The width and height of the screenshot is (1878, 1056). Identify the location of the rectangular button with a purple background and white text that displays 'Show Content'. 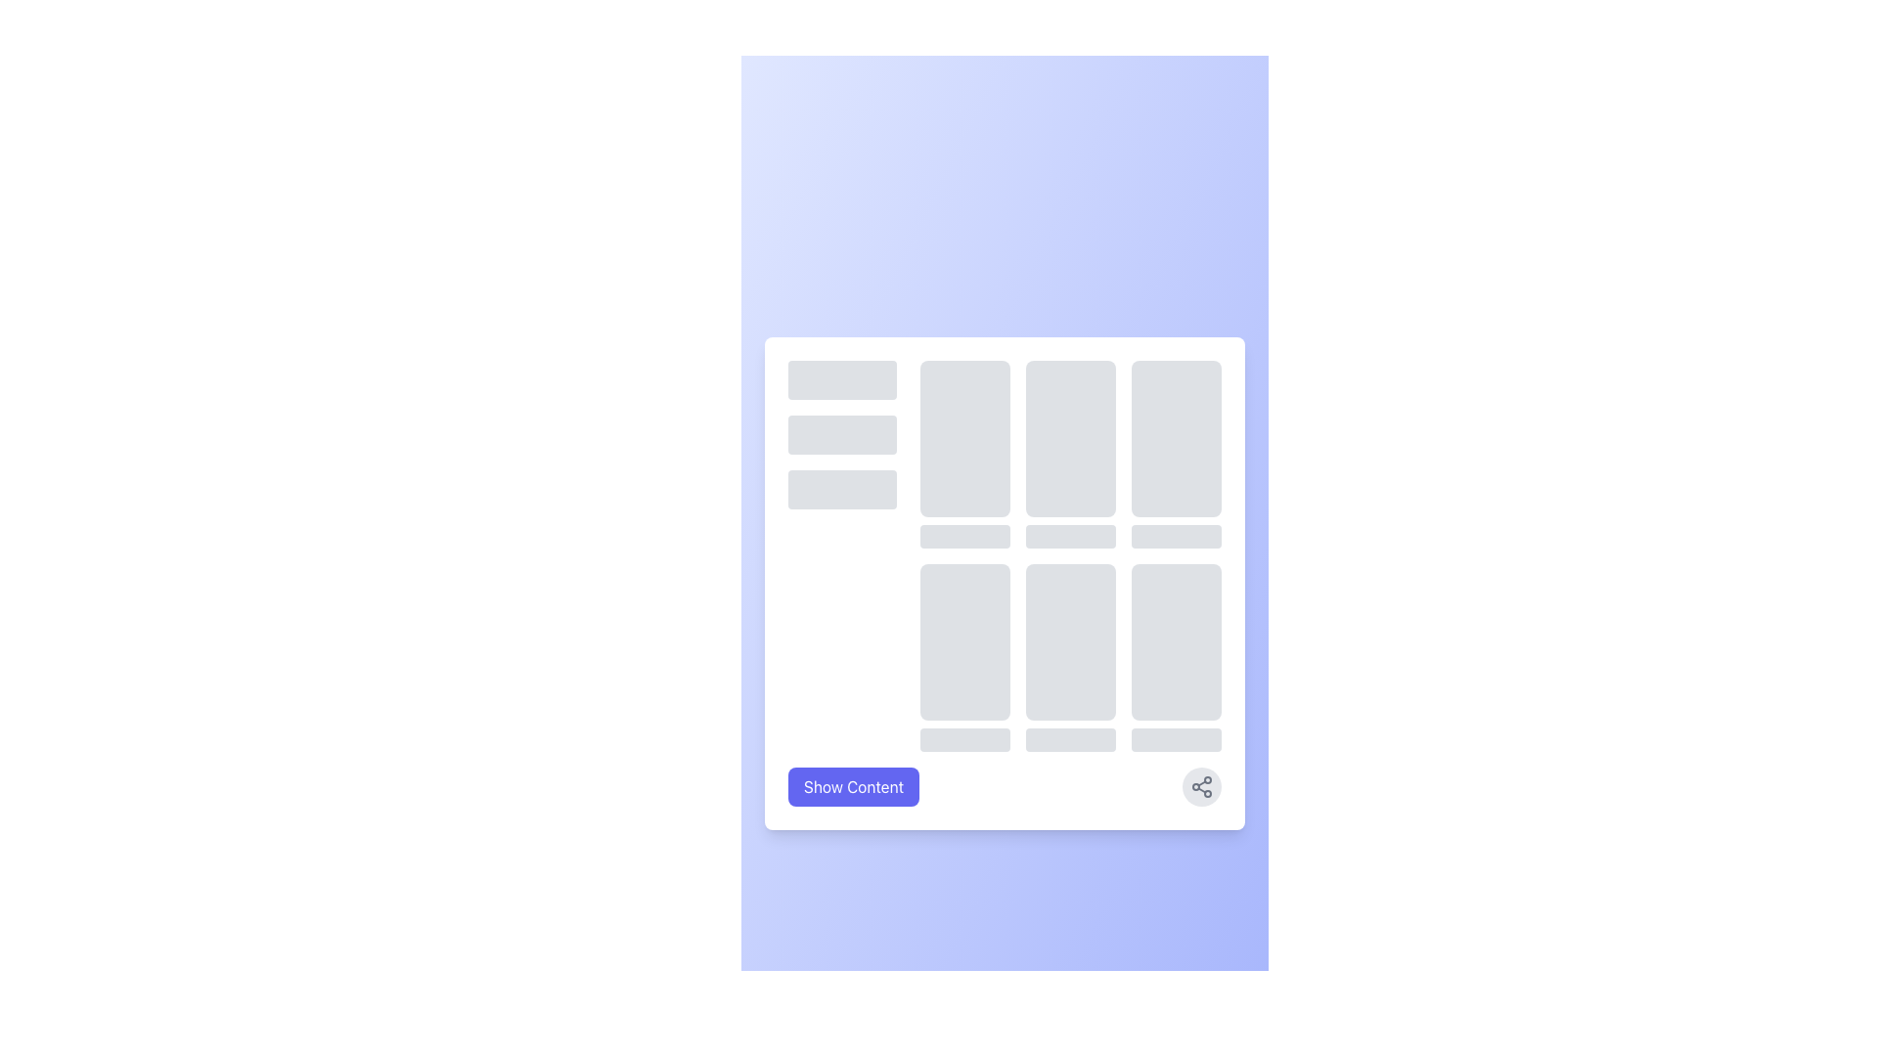
(854, 786).